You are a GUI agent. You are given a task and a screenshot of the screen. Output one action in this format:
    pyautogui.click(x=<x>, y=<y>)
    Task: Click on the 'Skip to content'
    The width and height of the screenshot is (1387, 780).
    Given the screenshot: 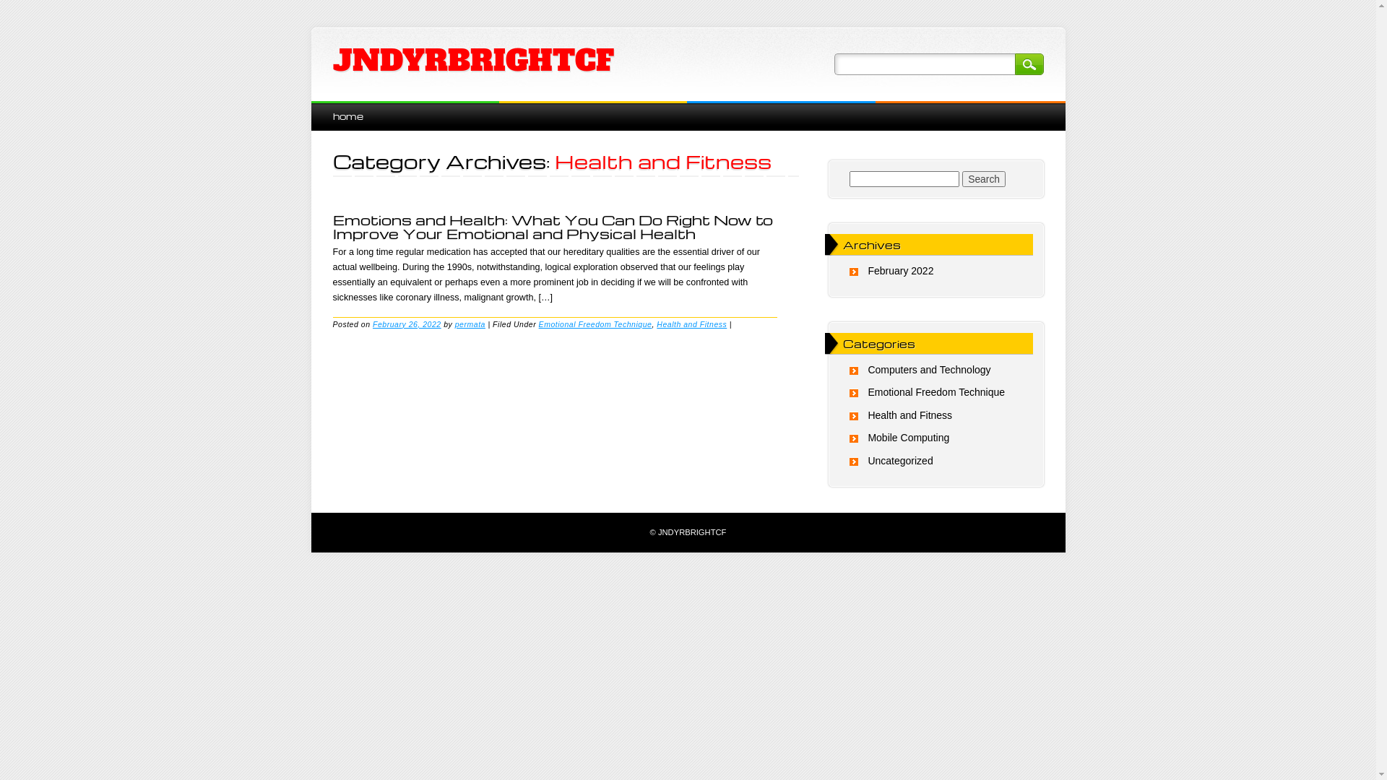 What is the action you would take?
    pyautogui.click(x=343, y=108)
    